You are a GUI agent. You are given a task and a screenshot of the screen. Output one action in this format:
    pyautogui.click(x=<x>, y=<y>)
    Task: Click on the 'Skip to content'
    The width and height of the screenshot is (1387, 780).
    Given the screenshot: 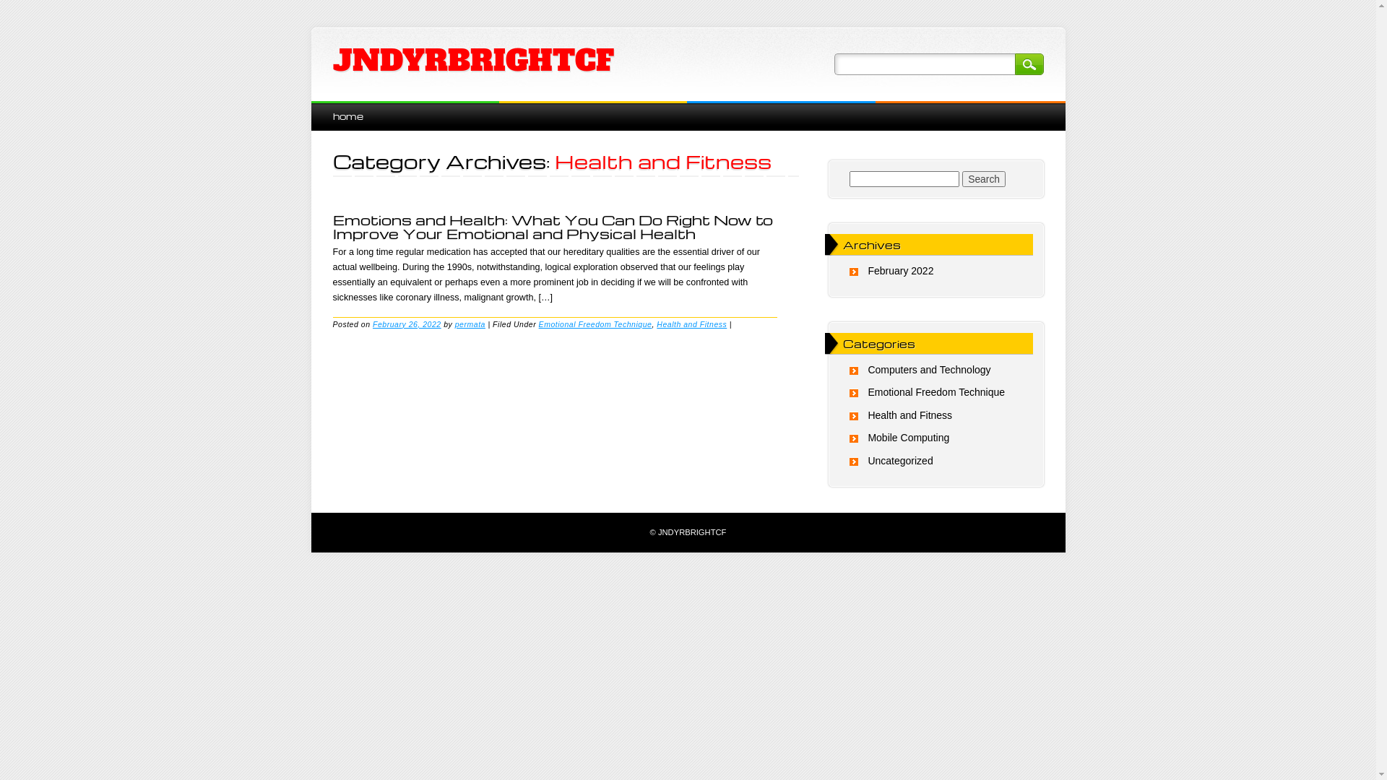 What is the action you would take?
    pyautogui.click(x=343, y=108)
    